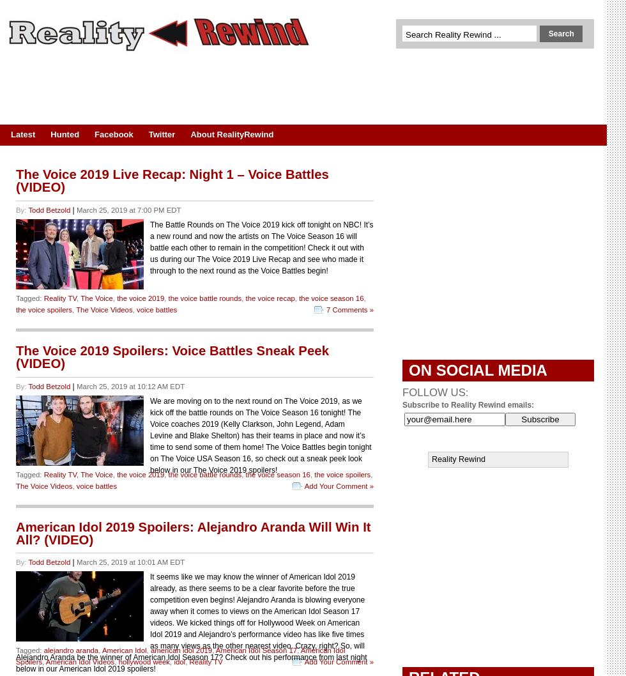 The image size is (626, 676). What do you see at coordinates (437, 392) in the screenshot?
I see `'FOLLOW US:'` at bounding box center [437, 392].